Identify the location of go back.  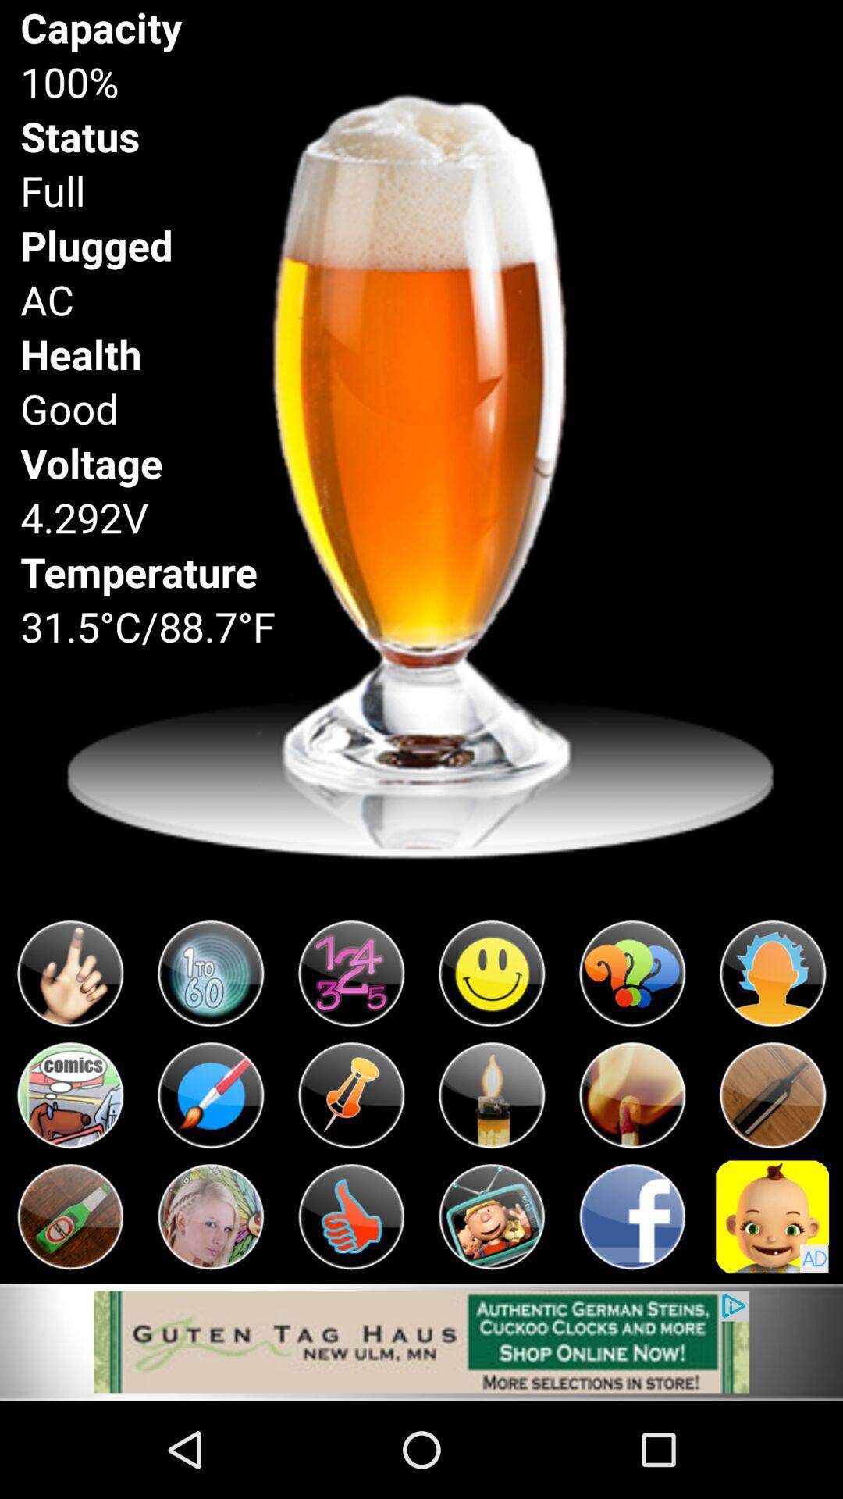
(632, 1216).